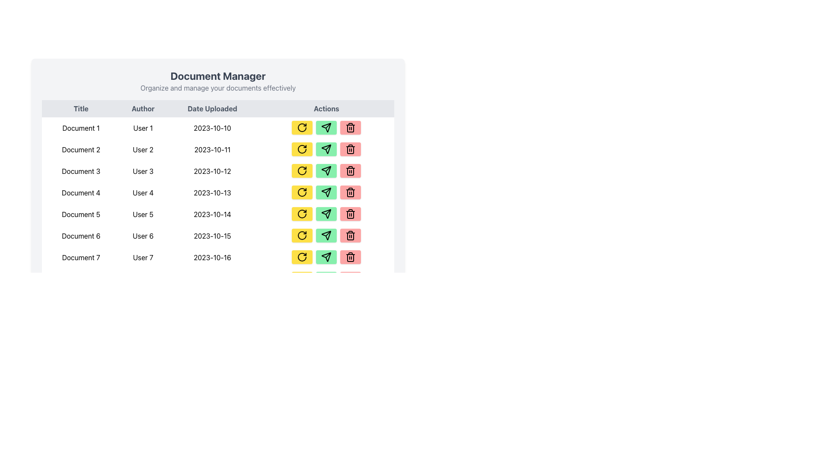  Describe the element at coordinates (326, 128) in the screenshot. I see `the send button located in the second control of the 'Actions' column in the first row of the document management table` at that location.